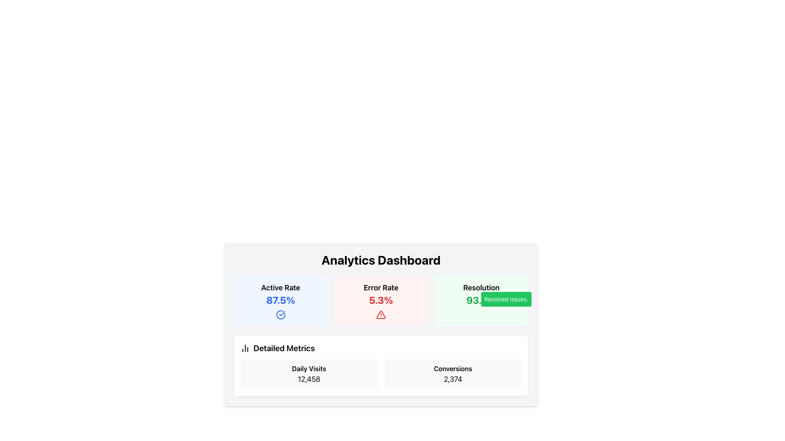  I want to click on text from the informational label with a green background that says 'Resolved issues.', so click(506, 299).